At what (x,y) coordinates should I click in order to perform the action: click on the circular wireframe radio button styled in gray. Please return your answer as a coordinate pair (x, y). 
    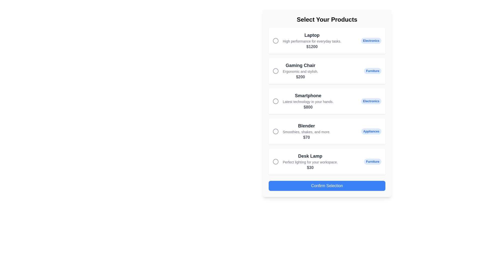
    Looking at the image, I should click on (275, 101).